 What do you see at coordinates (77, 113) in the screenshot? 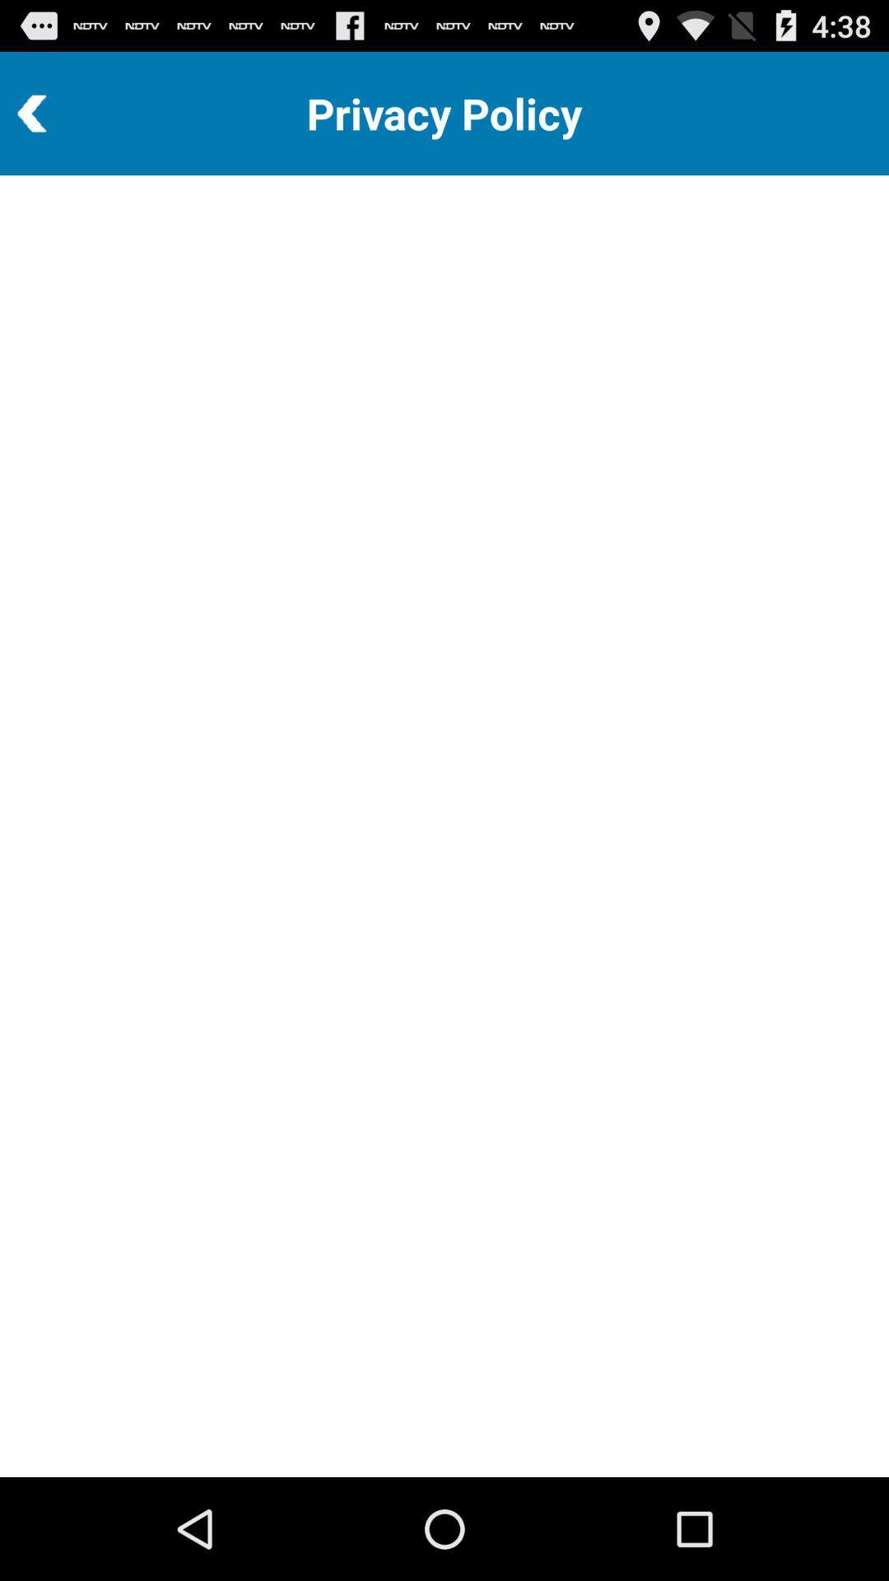
I see `return to previous page` at bounding box center [77, 113].